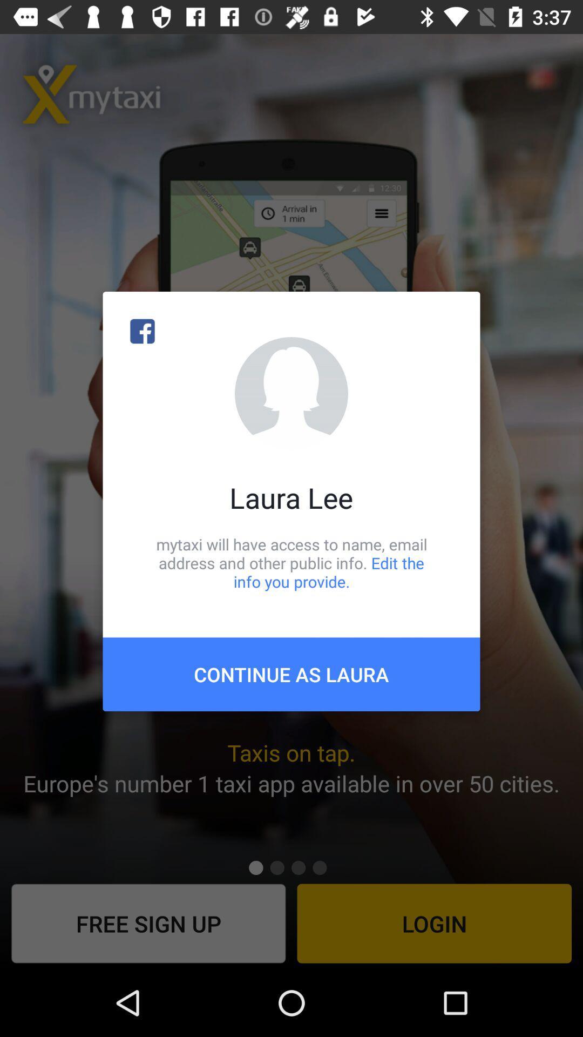 The image size is (583, 1037). What do you see at coordinates (291, 562) in the screenshot?
I see `the item above continue as laura item` at bounding box center [291, 562].